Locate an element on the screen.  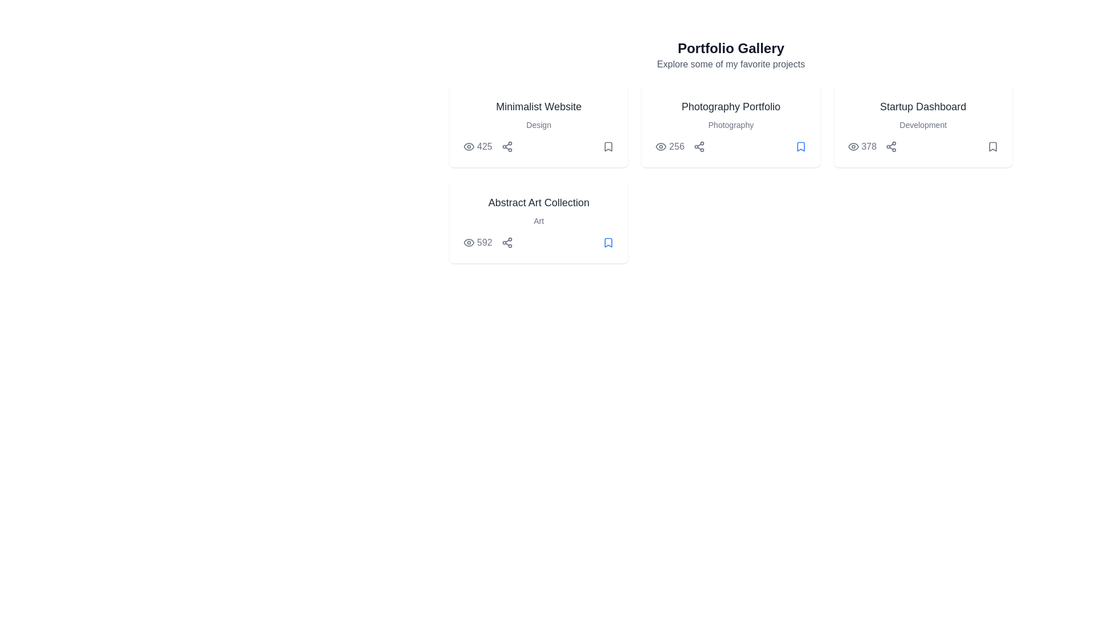
the static text element displaying the view count '425', which is styled in grey sans-serif font and positioned immediately to the right of an eye icon under the 'Minimalist Website' card is located at coordinates (488, 146).